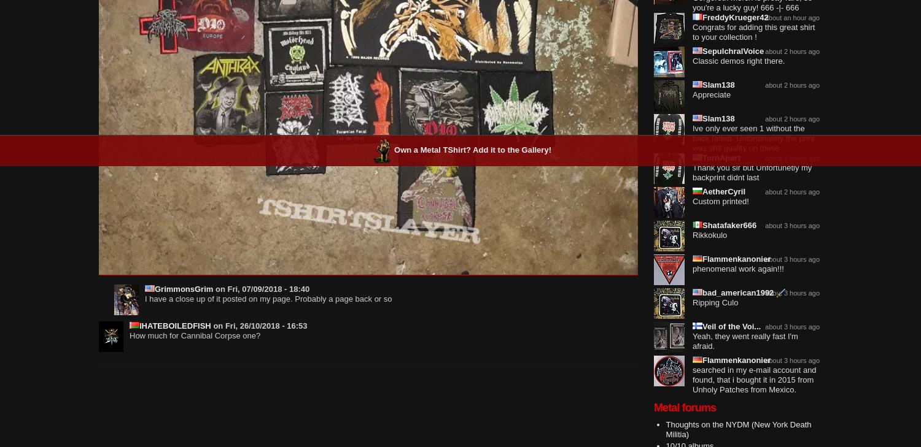  I want to click on 'I have a close up of it posted on my page. Probably a page back or so', so click(268, 299).